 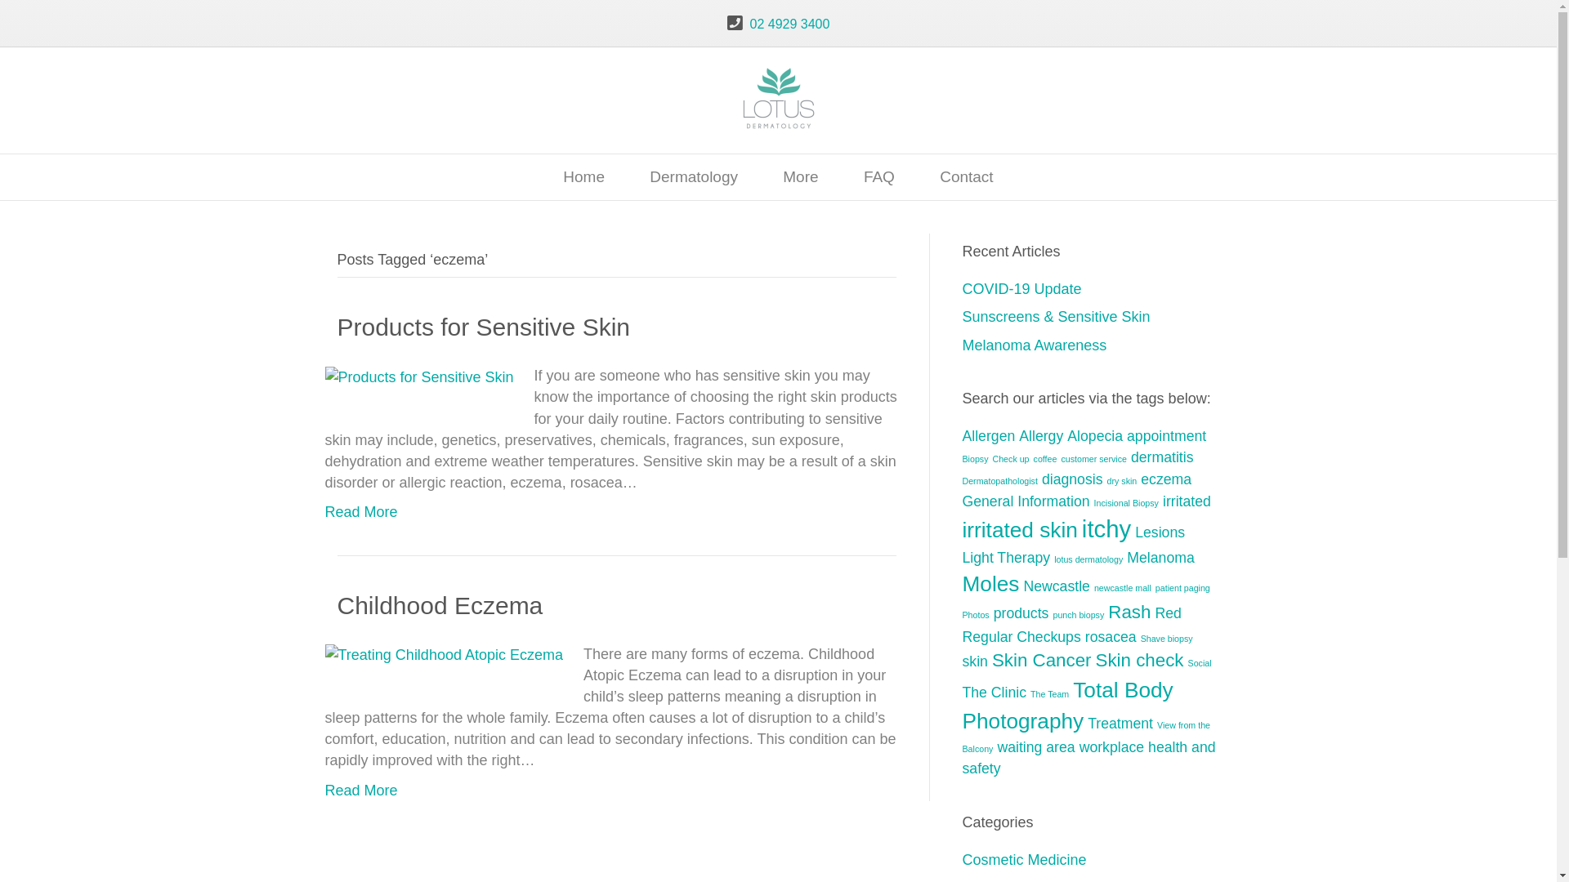 What do you see at coordinates (962, 859) in the screenshot?
I see `'Cosmetic Medicine'` at bounding box center [962, 859].